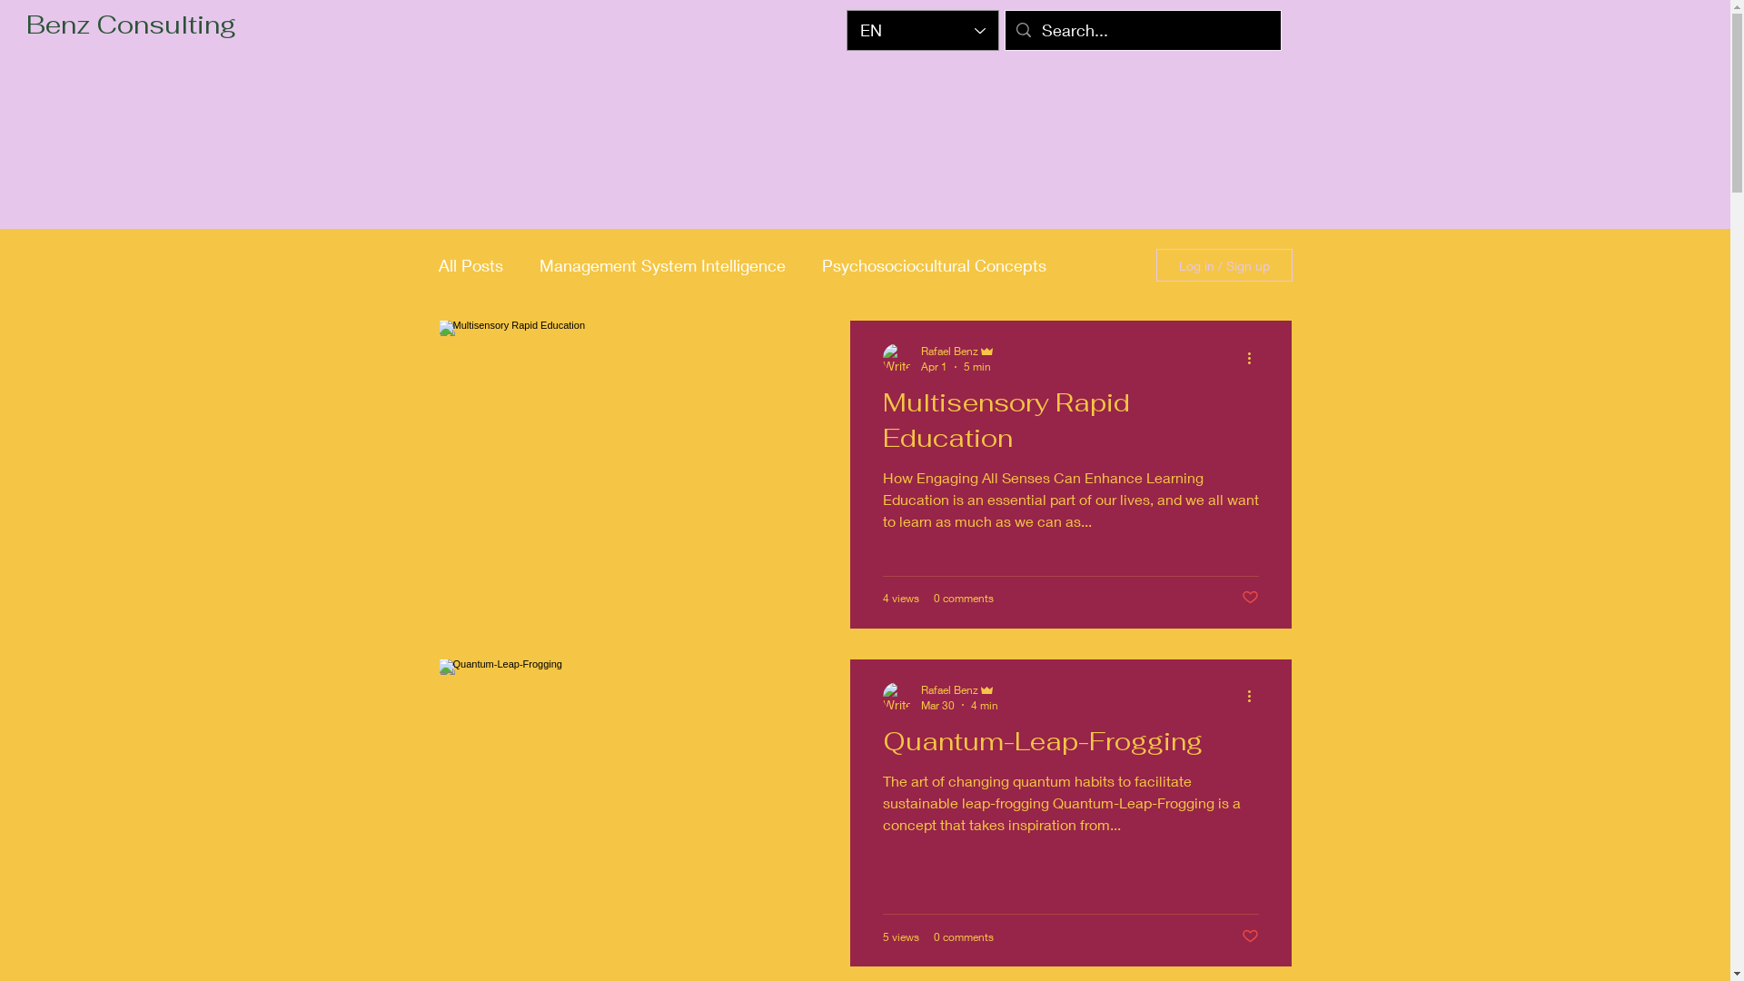  What do you see at coordinates (130, 25) in the screenshot?
I see `'Benz Consulting'` at bounding box center [130, 25].